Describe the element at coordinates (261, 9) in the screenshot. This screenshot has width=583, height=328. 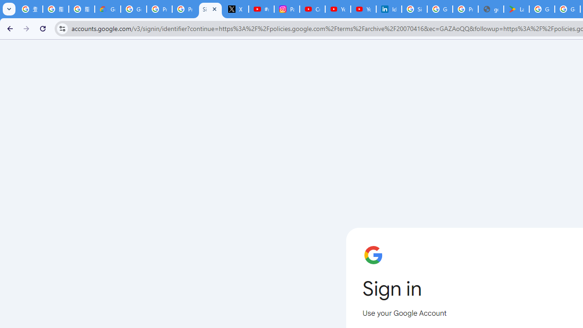
I see `'#nbabasketballhighlights - YouTube'` at that location.